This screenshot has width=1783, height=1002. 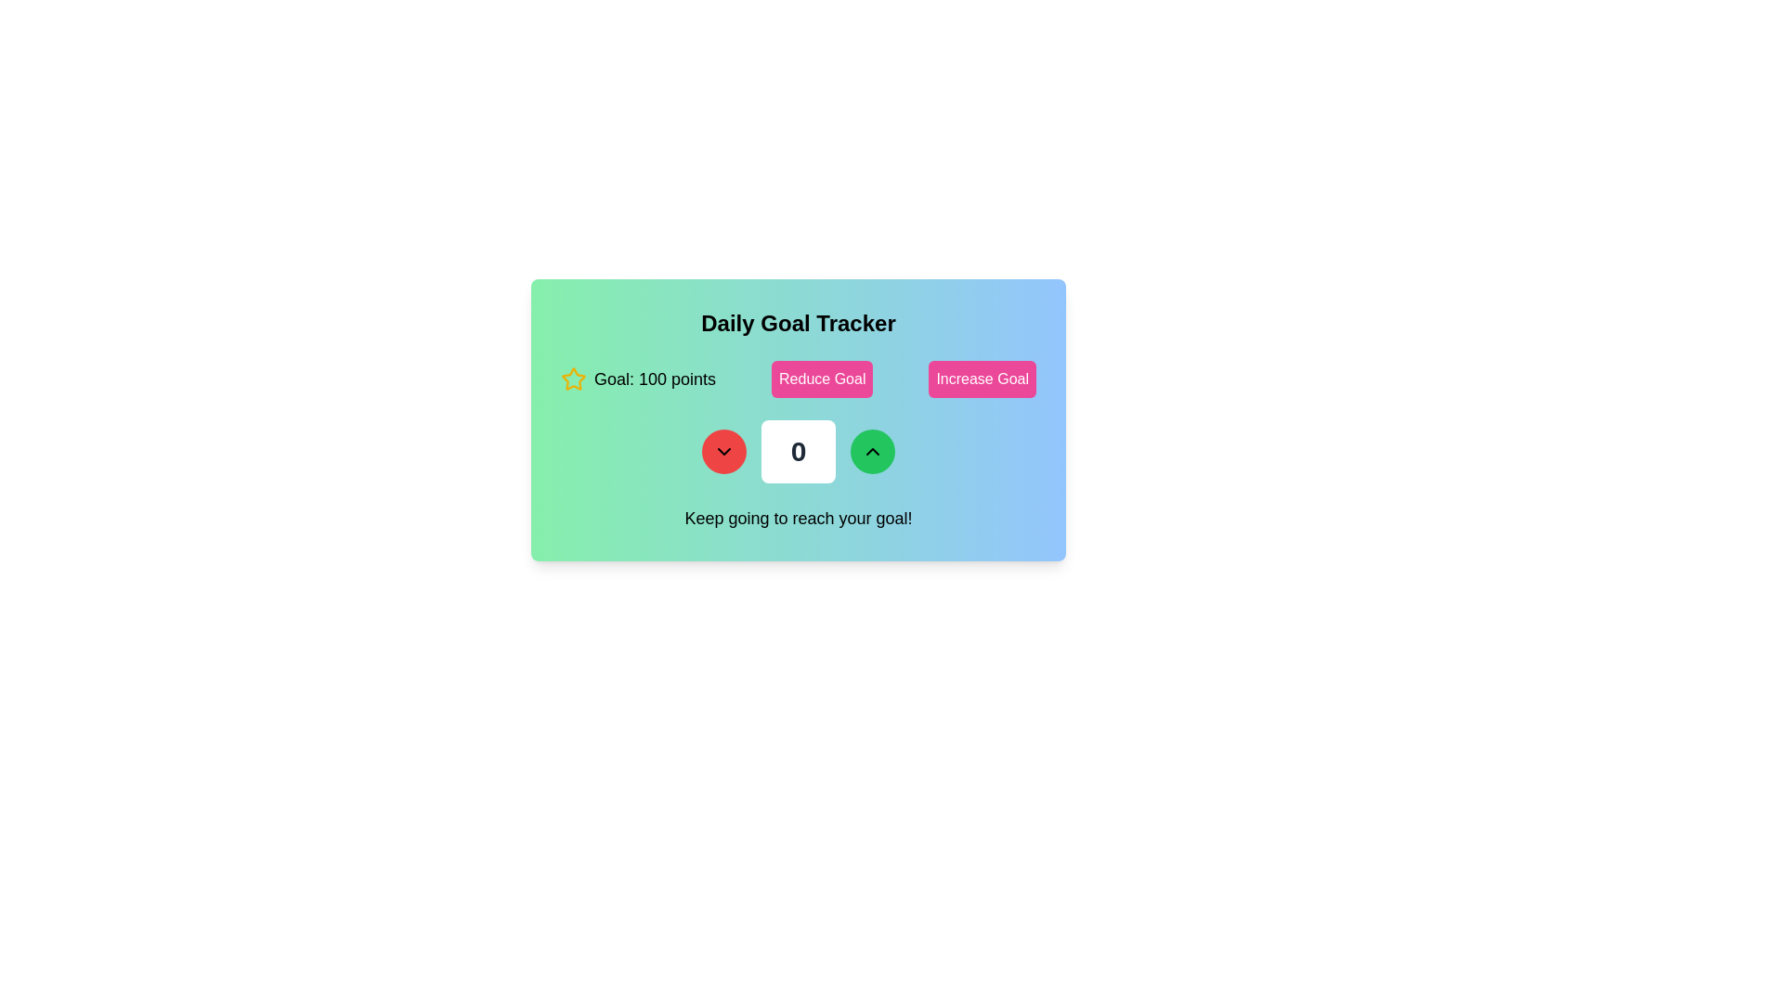 What do you see at coordinates (982, 378) in the screenshot?
I see `the 'Increase Goal' button, which is a rectangular button with rounded corners, styled in pink with white bold text, located to the right of the 'Reduce Goal' button` at bounding box center [982, 378].